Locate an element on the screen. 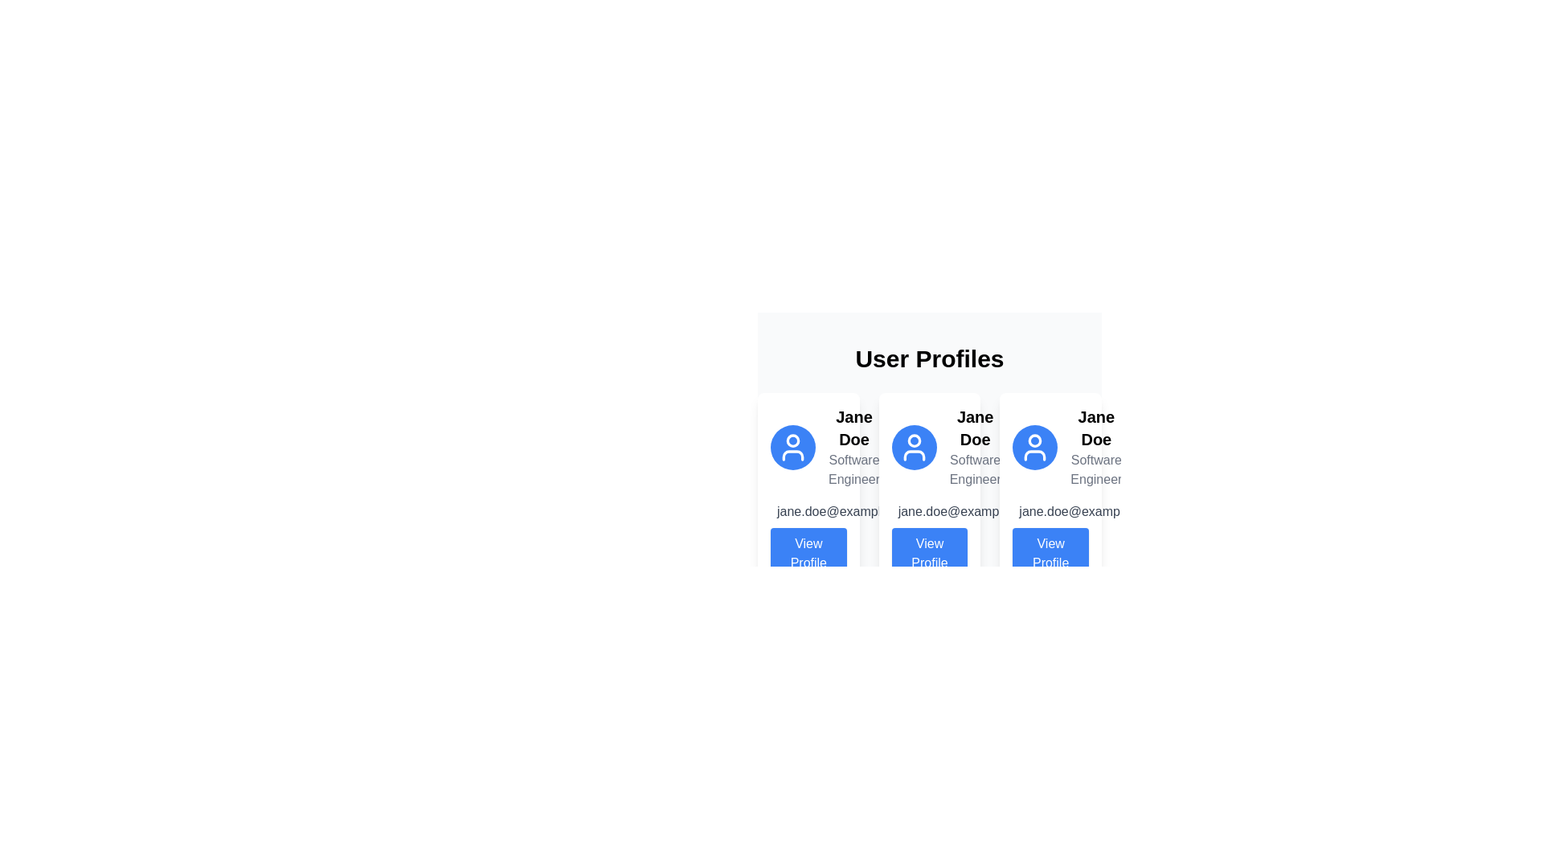 Image resolution: width=1543 pixels, height=868 pixels. the button at the bottom right of the user profile card is located at coordinates (1050, 553).